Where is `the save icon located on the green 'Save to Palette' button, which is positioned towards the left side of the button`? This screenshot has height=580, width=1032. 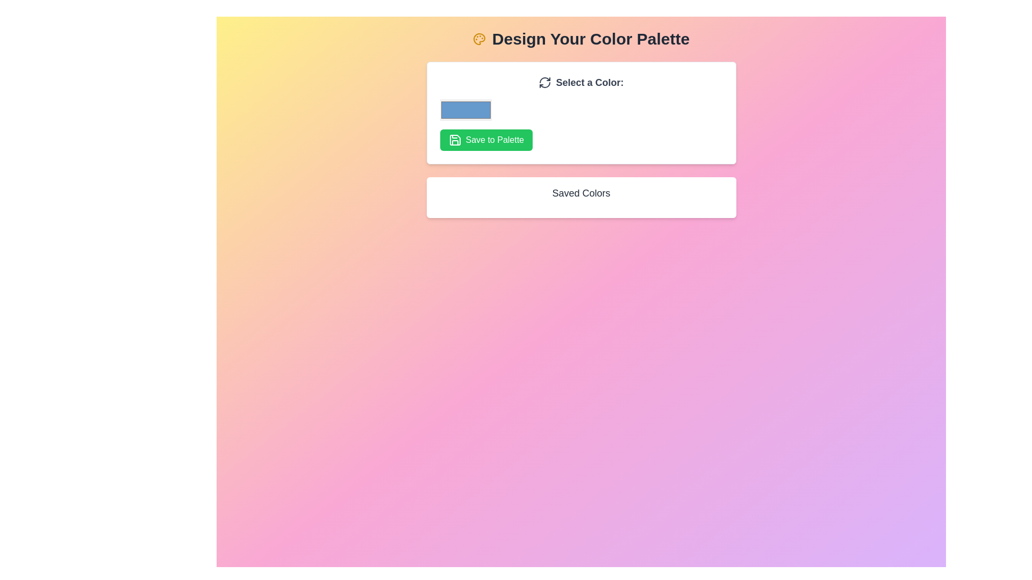
the save icon located on the green 'Save to Palette' button, which is positioned towards the left side of the button is located at coordinates (455, 140).